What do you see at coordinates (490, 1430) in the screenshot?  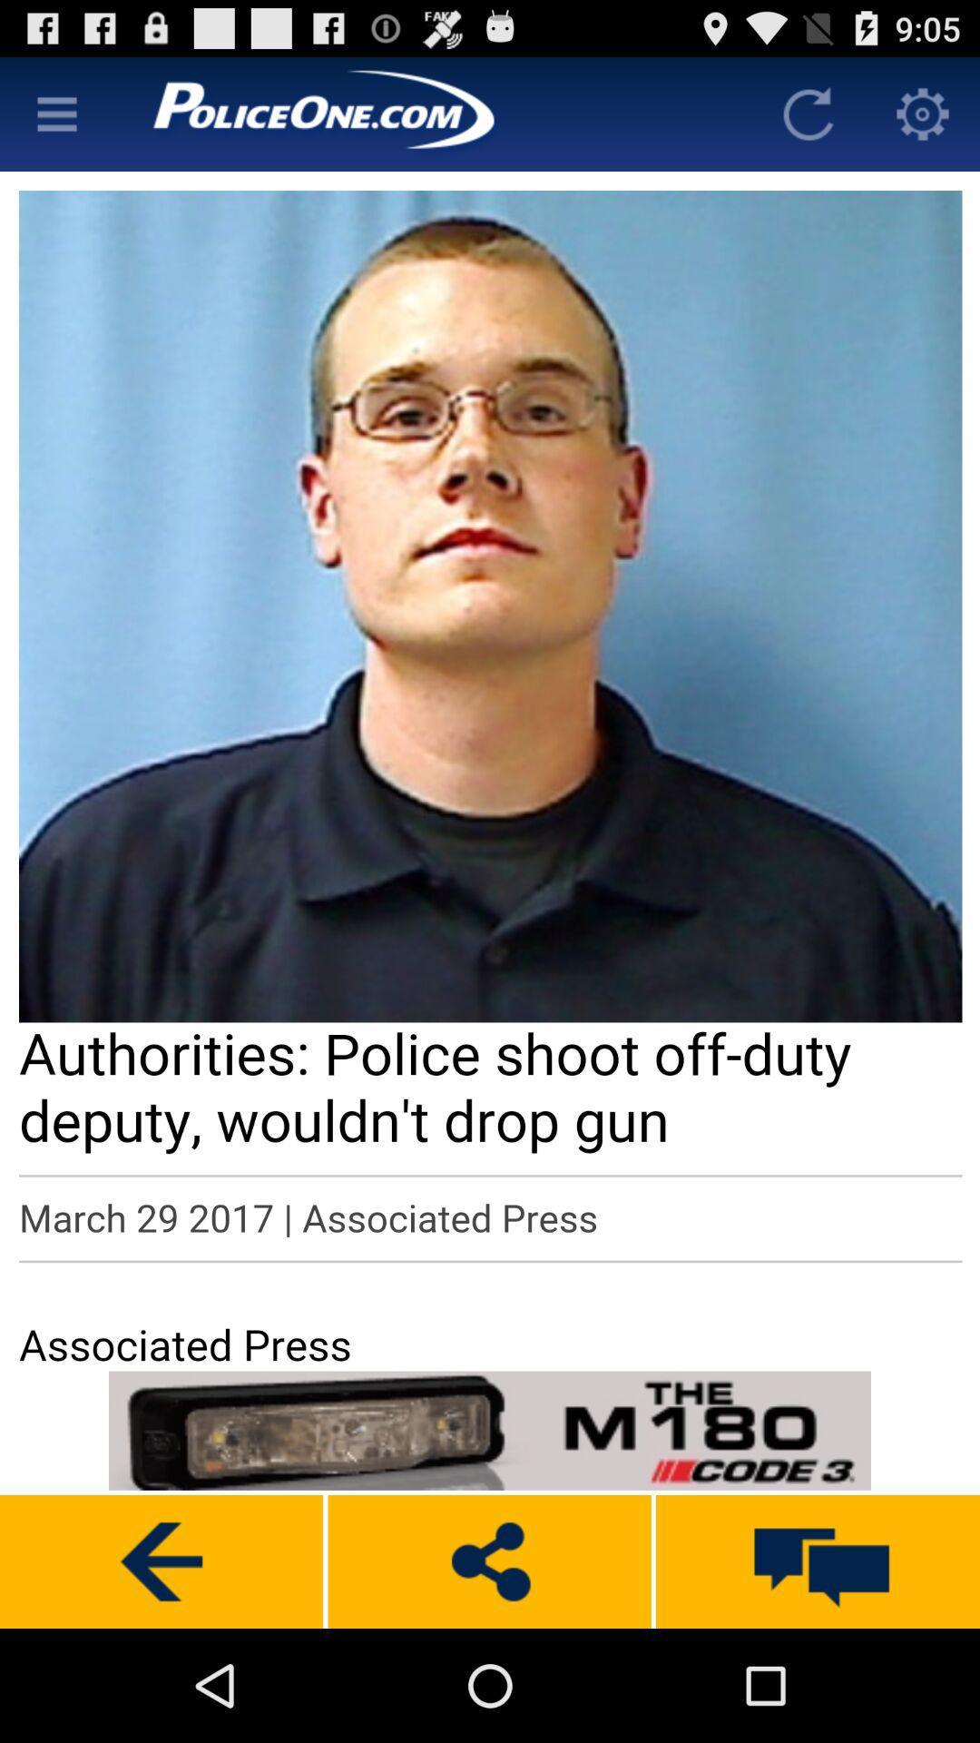 I see `advertisement` at bounding box center [490, 1430].